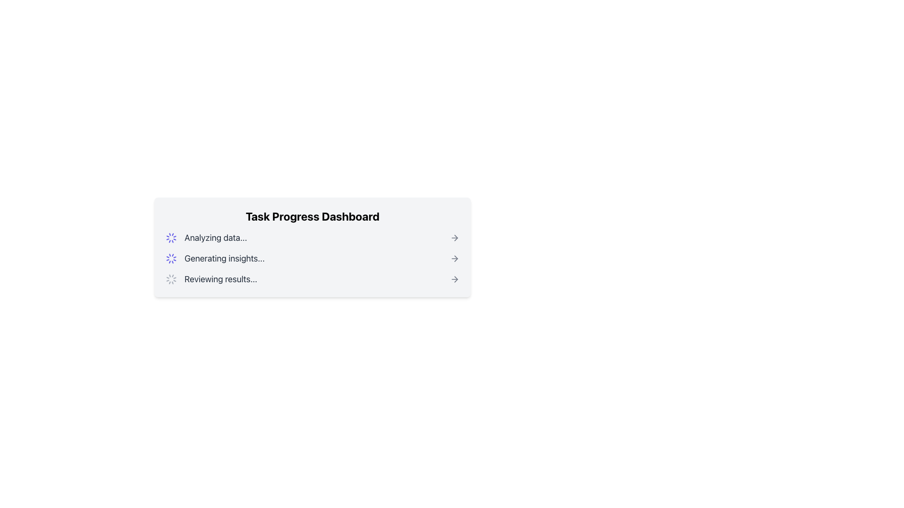 This screenshot has width=904, height=508. Describe the element at coordinates (454, 279) in the screenshot. I see `the right-facing arrow icon, which is a thin line styled SVG graphic in light gray color, located to the right of the 'Reviewing results...' text in the Task Progress Dashboard` at that location.